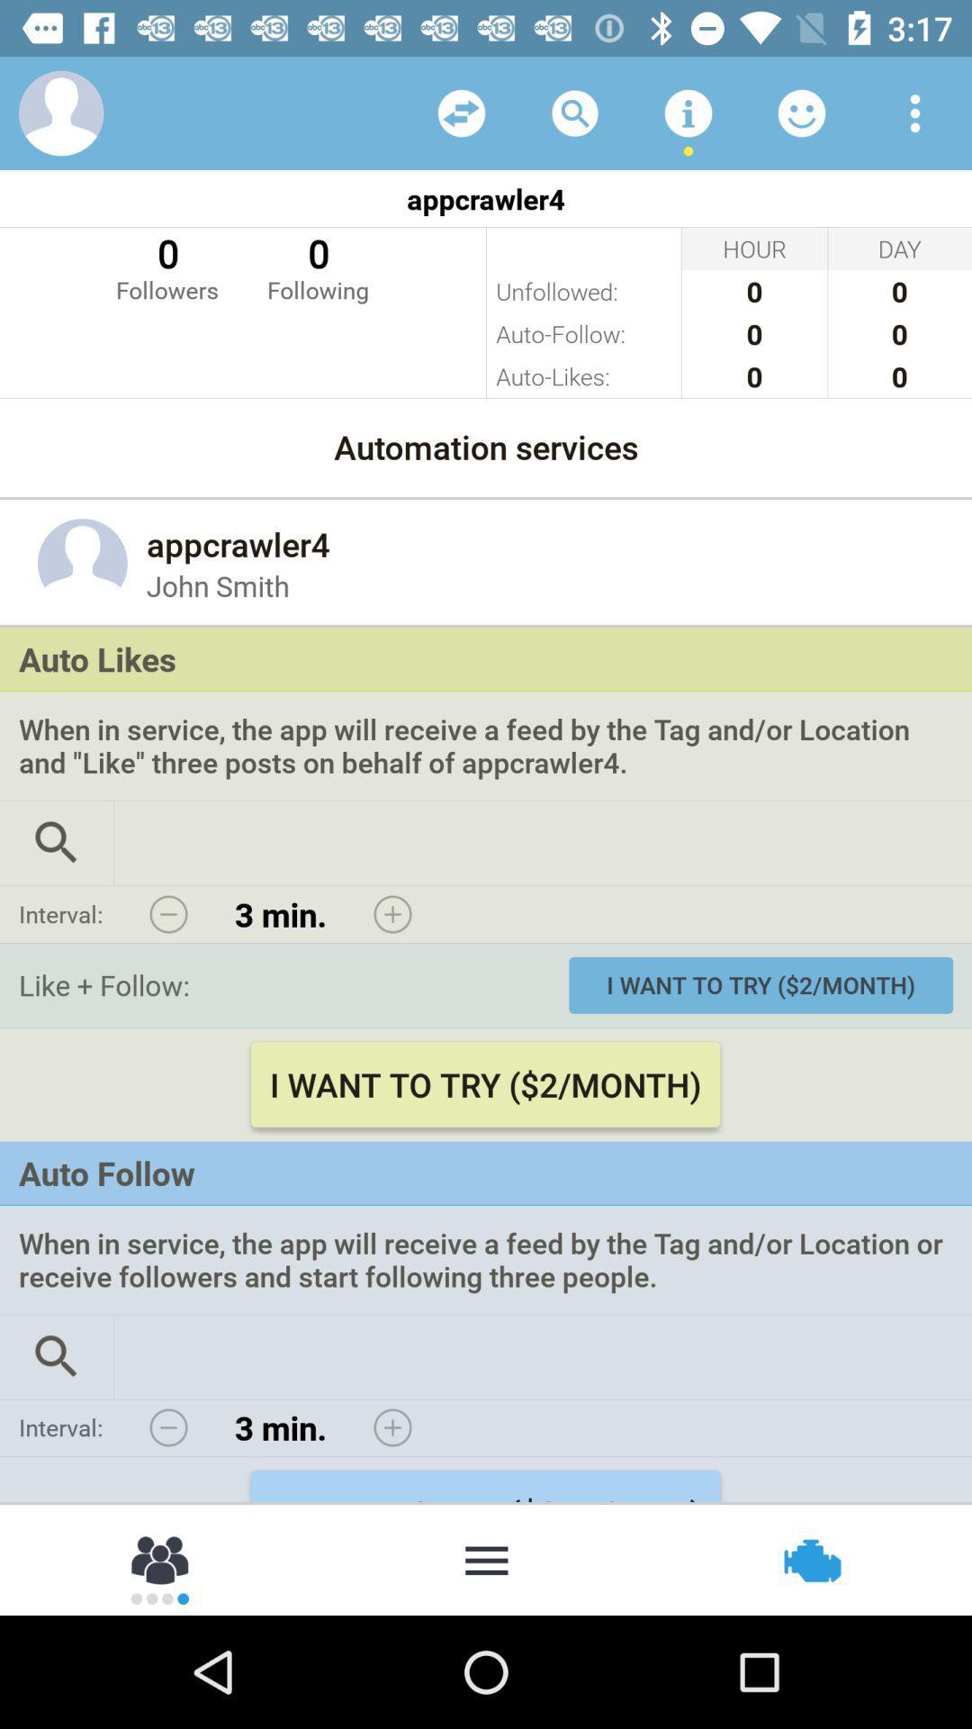 This screenshot has width=972, height=1729. I want to click on the more icon, so click(486, 1558).